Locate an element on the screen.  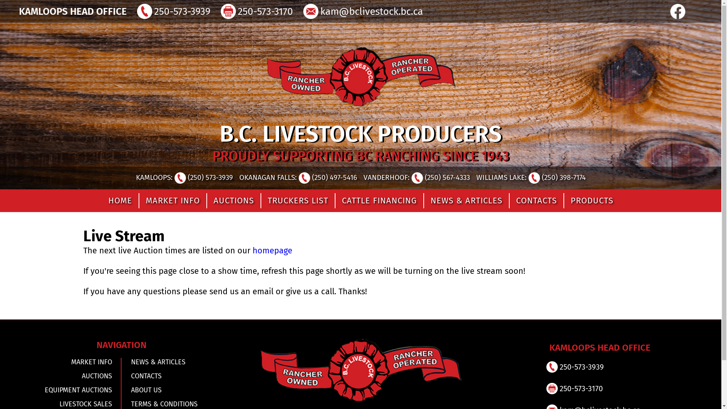
'MARKET INFO' is located at coordinates (65, 362).